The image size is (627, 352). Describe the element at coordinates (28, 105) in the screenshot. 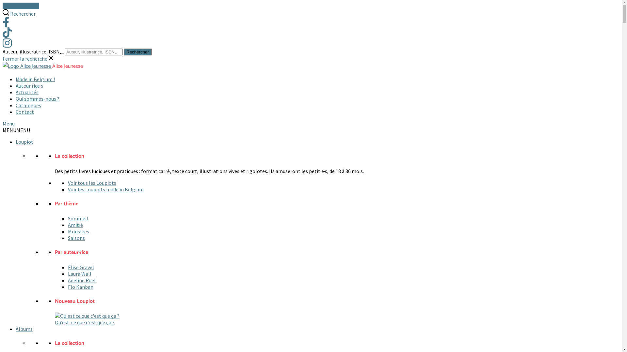

I see `'Catalogues'` at that location.